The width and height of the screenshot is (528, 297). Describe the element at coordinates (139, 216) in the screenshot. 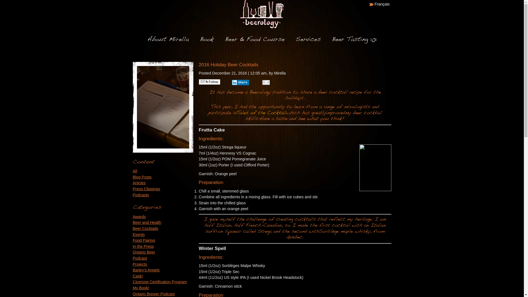

I see `'Awards'` at that location.